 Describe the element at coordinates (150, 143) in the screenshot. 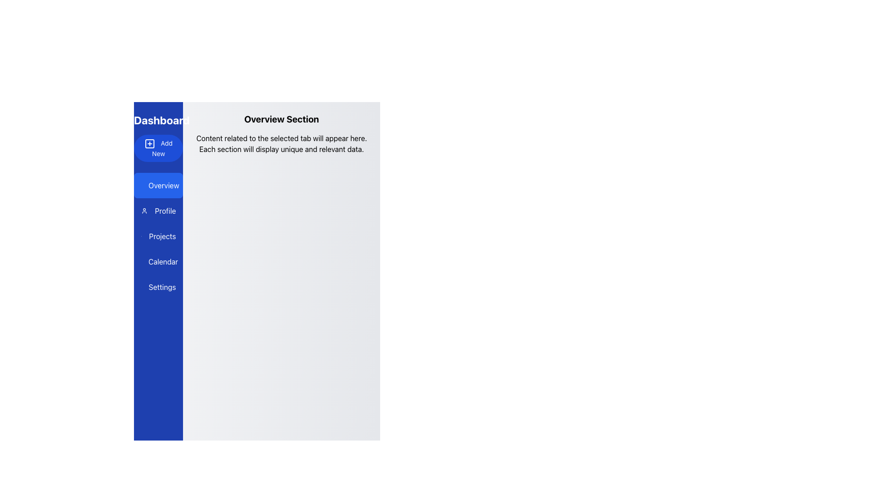

I see `the decorative element that enhances the visibility of the 'Add New' button located in the left navigation panel below the 'Dashboard' title` at that location.